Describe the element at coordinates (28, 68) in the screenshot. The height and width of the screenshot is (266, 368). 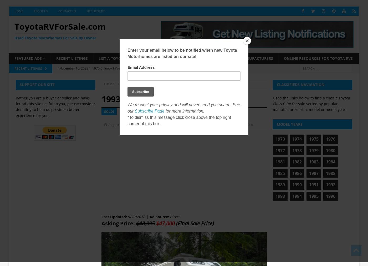
I see `'Recent Listings'` at that location.